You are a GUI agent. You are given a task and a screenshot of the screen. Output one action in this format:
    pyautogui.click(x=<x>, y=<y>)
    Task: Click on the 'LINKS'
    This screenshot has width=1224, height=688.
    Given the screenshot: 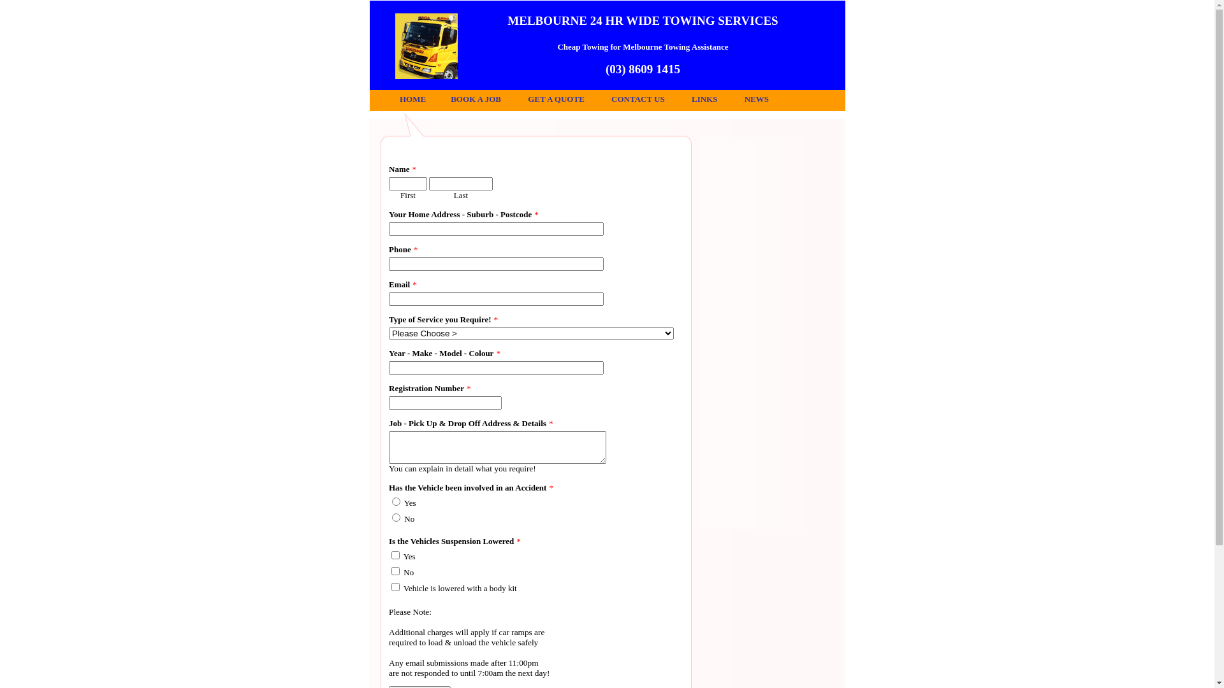 What is the action you would take?
    pyautogui.click(x=703, y=98)
    